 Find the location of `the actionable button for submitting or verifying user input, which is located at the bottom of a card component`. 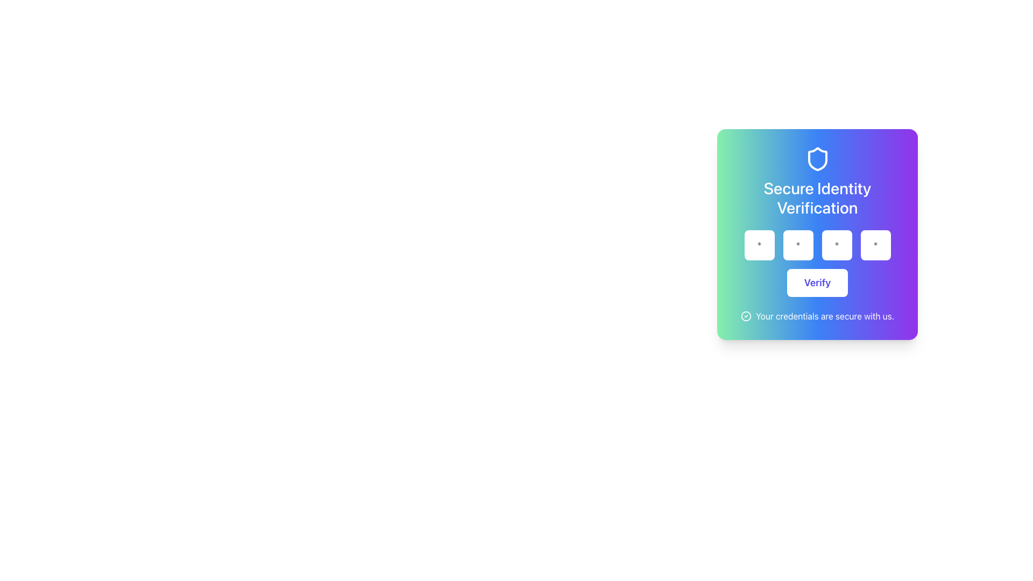

the actionable button for submitting or verifying user input, which is located at the bottom of a card component is located at coordinates (817, 282).